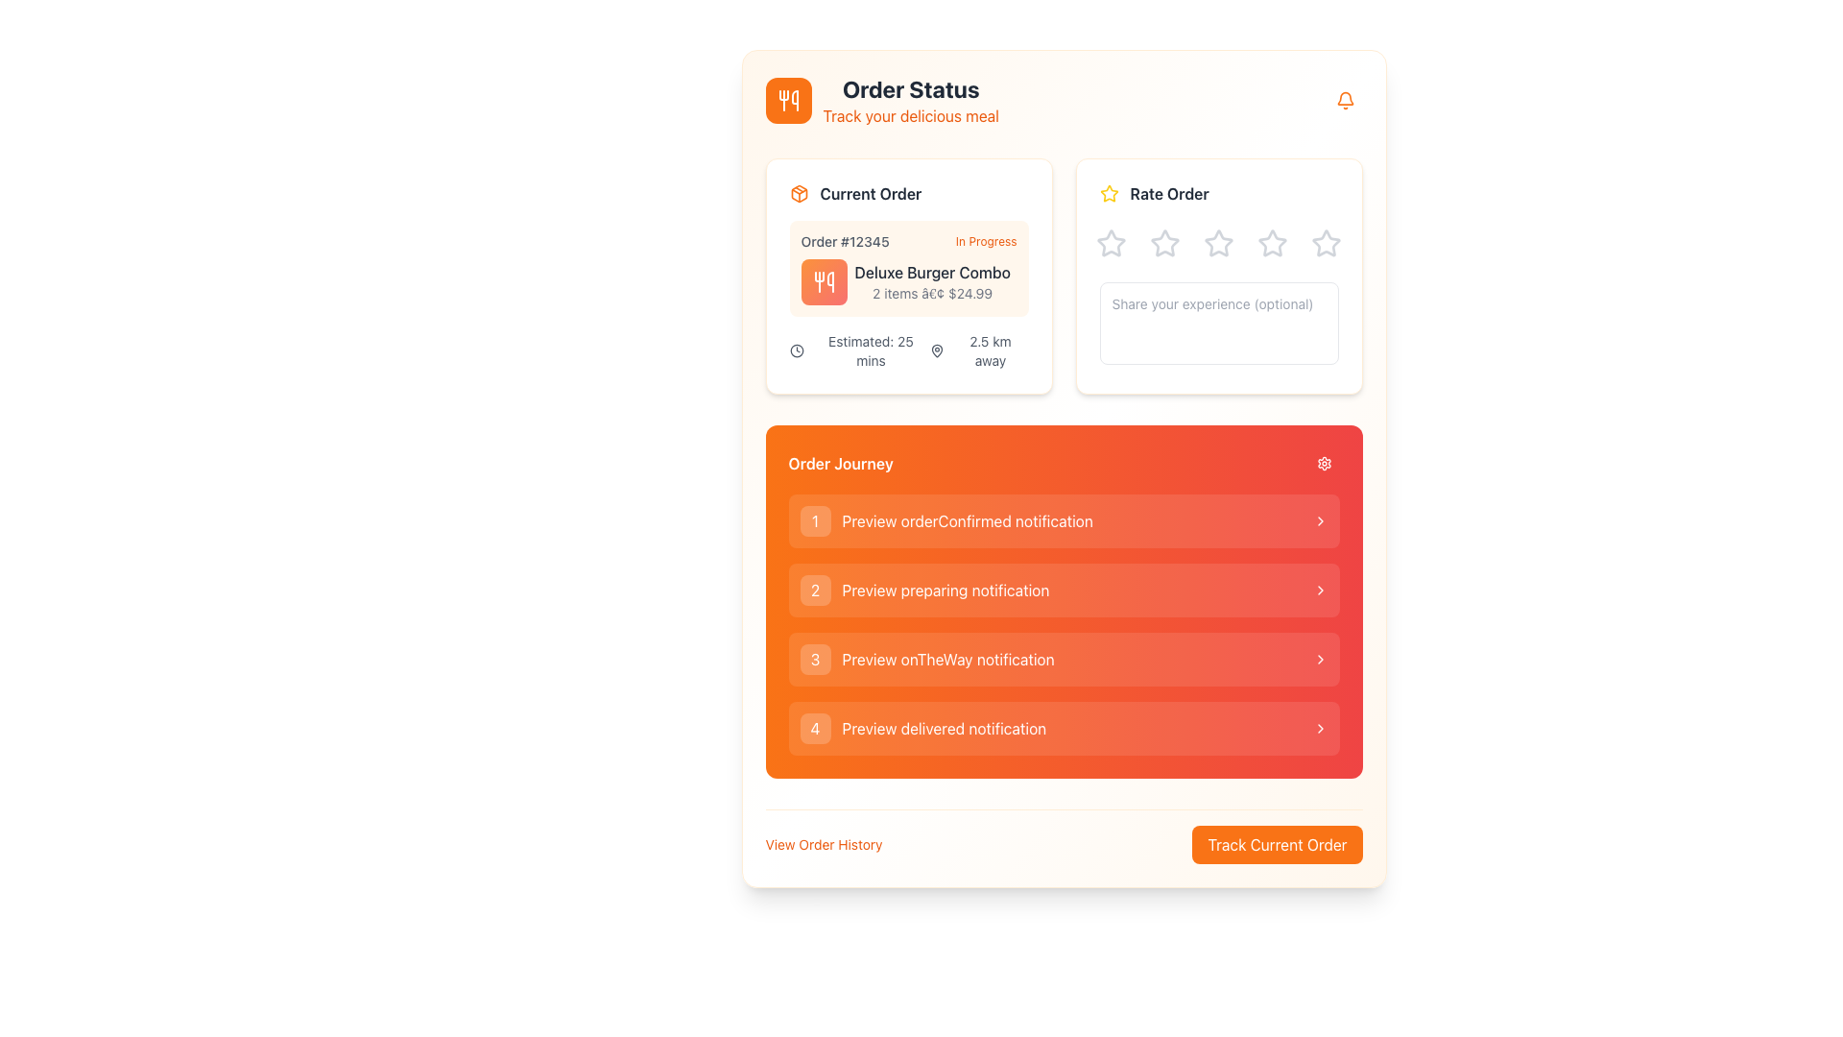 This screenshot has width=1843, height=1037. I want to click on displayed text of the Text display component showing 'Deluxe Burger Combo' and '2 items • $24.99' located in the 'Current Order' section beside the utensil icon, so click(932, 281).